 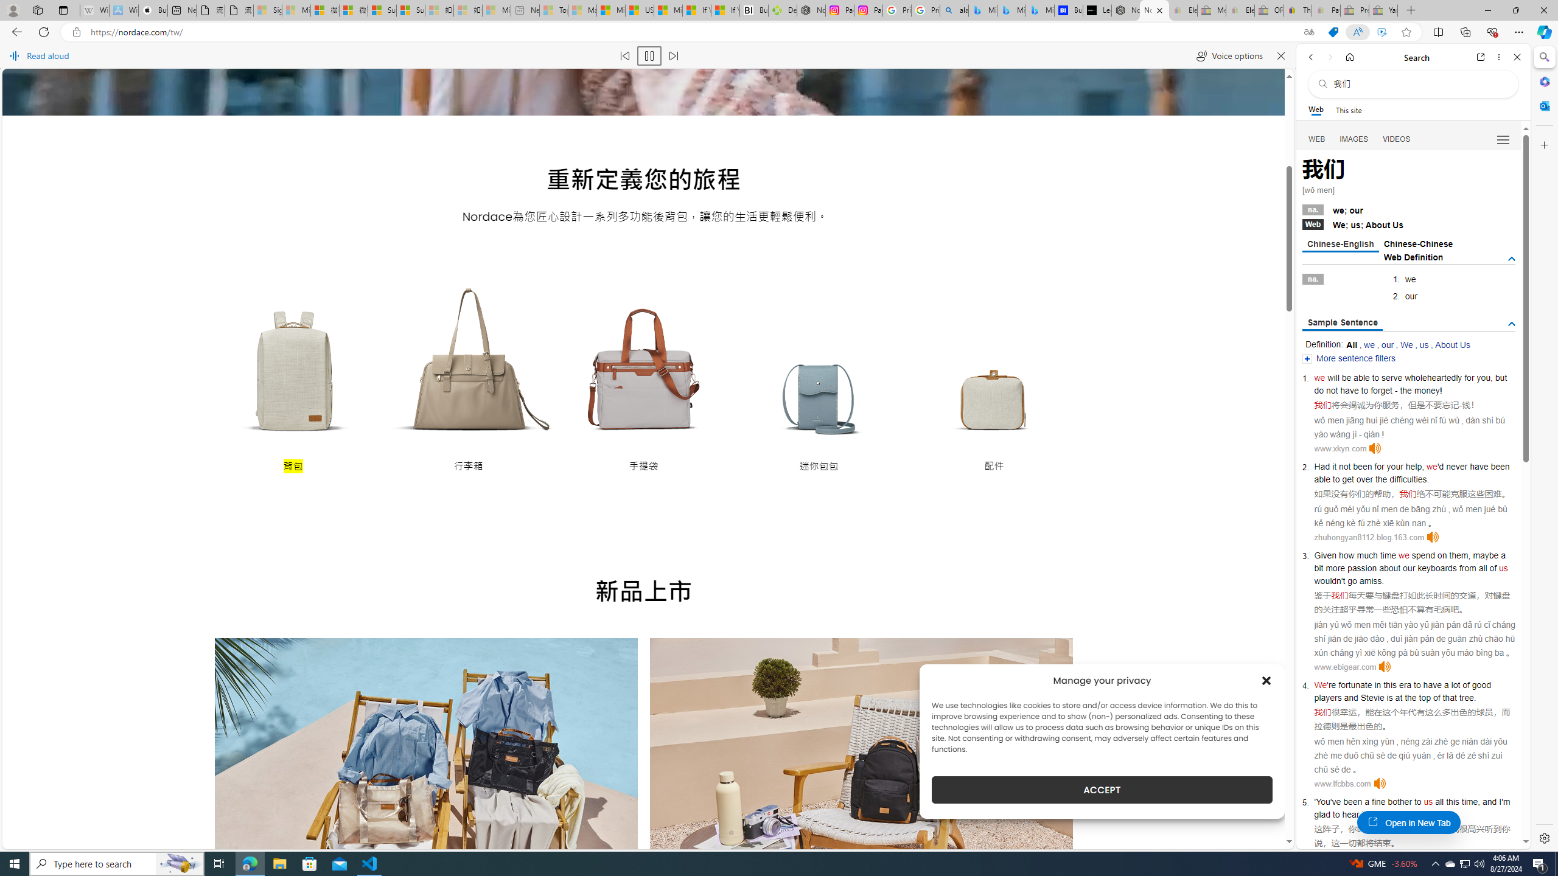 What do you see at coordinates (1391, 377) in the screenshot?
I see `'serve'` at bounding box center [1391, 377].